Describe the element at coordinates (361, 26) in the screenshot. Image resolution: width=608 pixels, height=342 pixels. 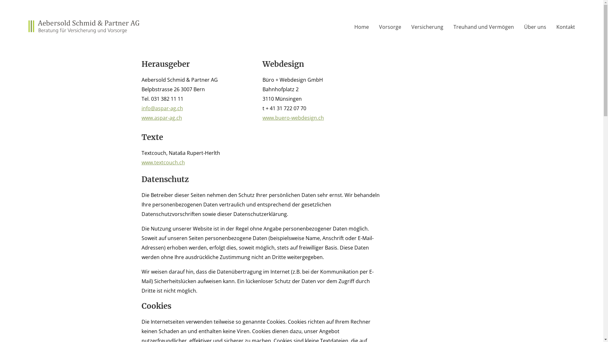
I see `'Home'` at that location.